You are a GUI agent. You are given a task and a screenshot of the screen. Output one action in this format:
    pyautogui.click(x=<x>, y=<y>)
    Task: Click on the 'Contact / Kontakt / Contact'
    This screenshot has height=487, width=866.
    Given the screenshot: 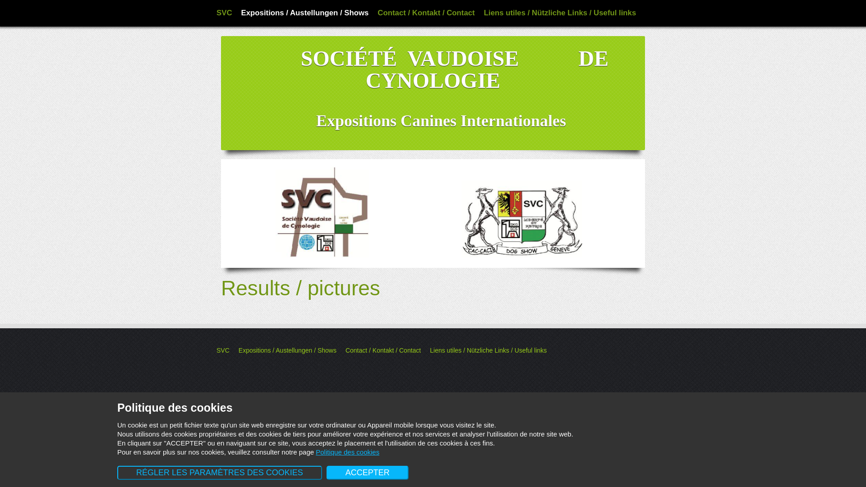 What is the action you would take?
    pyautogui.click(x=425, y=13)
    